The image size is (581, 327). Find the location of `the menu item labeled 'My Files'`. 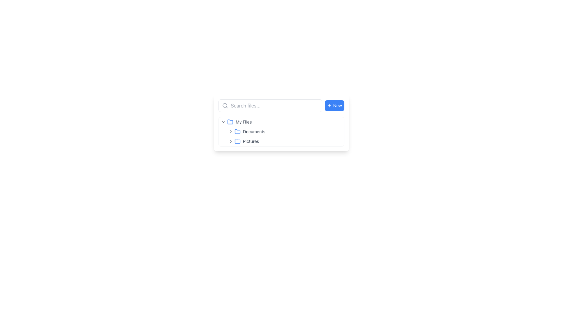

the menu item labeled 'My Files' is located at coordinates (281, 122).